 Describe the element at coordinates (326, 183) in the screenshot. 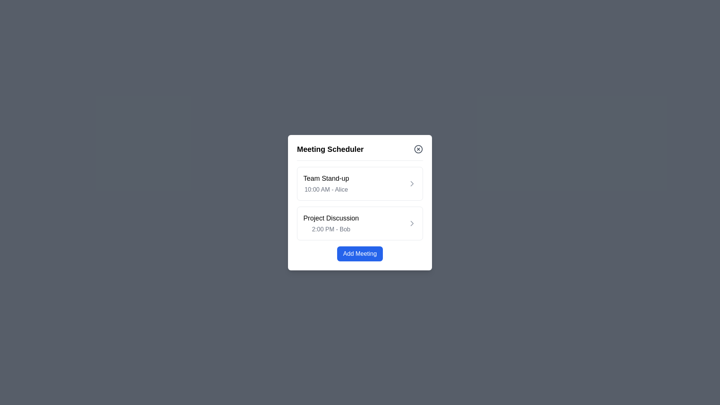

I see `the 'Team Stand-up' text block located at the top of the Meeting Scheduler interface to interact with adjacent related elements` at that location.